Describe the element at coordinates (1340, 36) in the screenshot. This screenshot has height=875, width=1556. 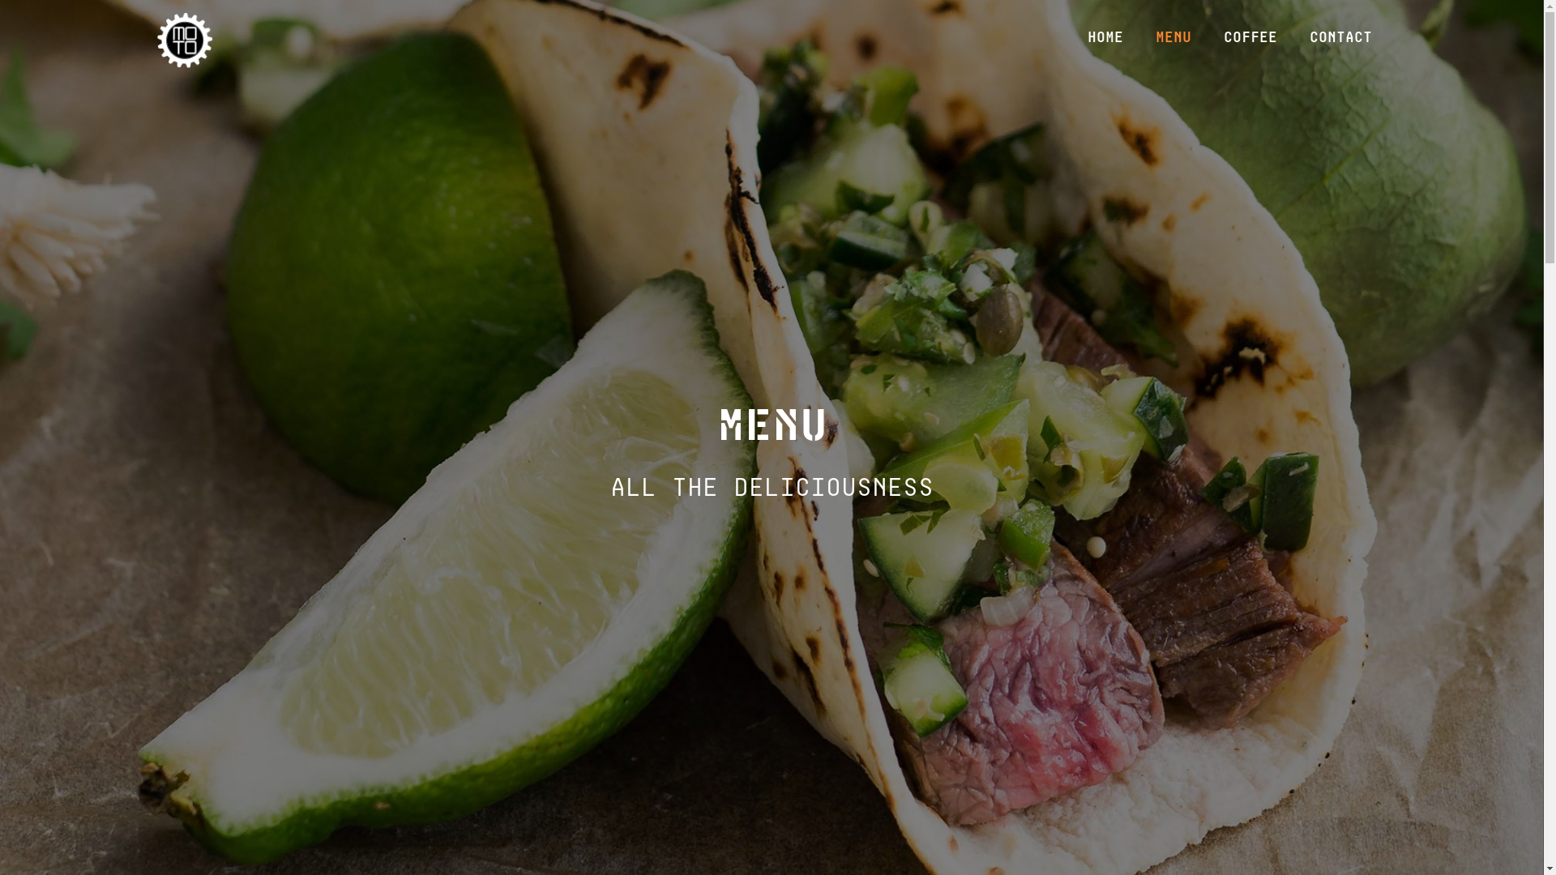
I see `'Contact'` at that location.